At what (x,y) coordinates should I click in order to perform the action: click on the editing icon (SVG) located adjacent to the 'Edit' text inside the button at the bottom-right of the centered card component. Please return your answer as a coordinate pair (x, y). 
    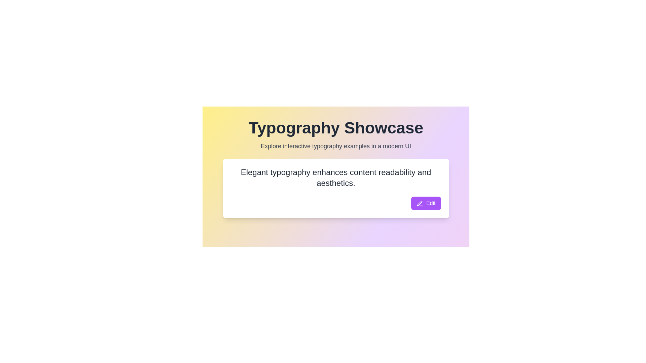
    Looking at the image, I should click on (420, 203).